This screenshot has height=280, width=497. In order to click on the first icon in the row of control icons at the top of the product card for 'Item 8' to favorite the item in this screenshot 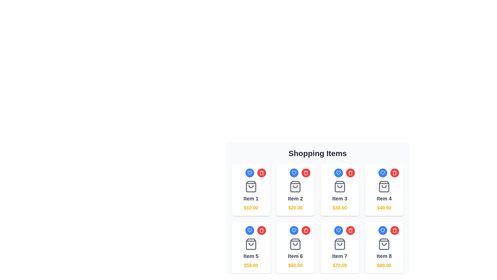, I will do `click(383, 230)`.